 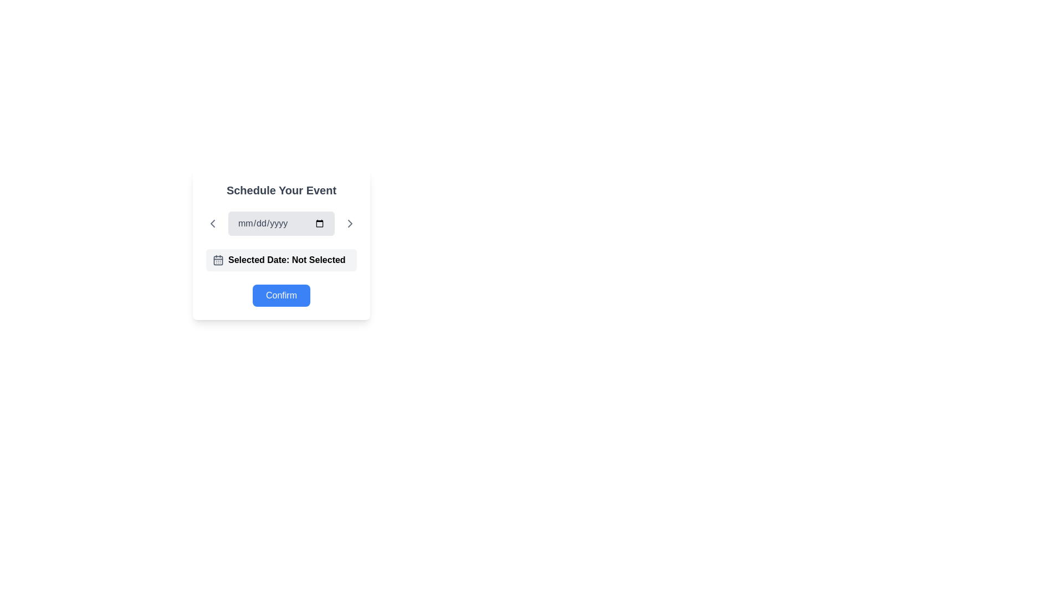 I want to click on the Text Display Field displaying 'Selected Date: Not Selected', which is located below the date picker and above the 'Confirm' button in the center modal, so click(x=282, y=260).